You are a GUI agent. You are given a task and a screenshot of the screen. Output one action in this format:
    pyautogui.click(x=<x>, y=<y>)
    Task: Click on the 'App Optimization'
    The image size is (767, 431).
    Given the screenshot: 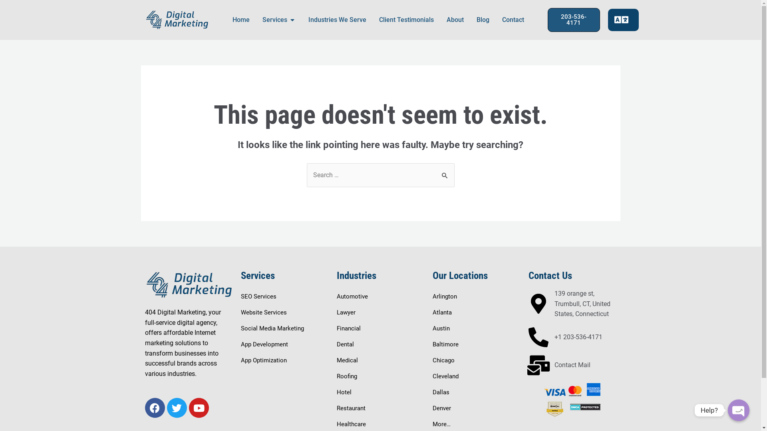 What is the action you would take?
    pyautogui.click(x=263, y=360)
    